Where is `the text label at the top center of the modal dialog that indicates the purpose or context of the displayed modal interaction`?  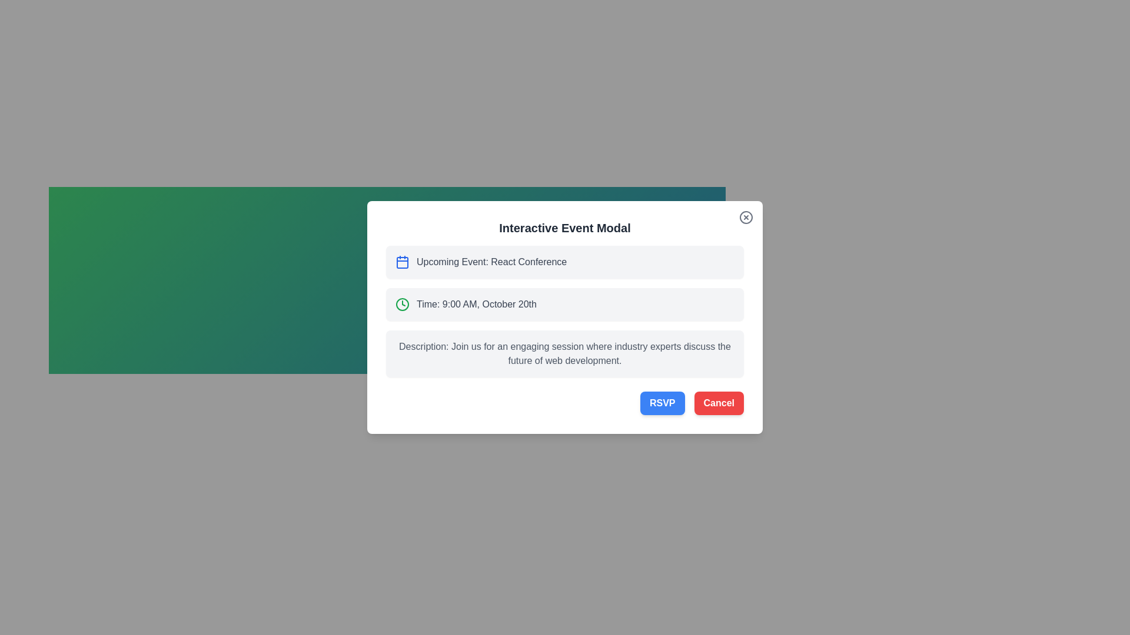 the text label at the top center of the modal dialog that indicates the purpose or context of the displayed modal interaction is located at coordinates (565, 228).